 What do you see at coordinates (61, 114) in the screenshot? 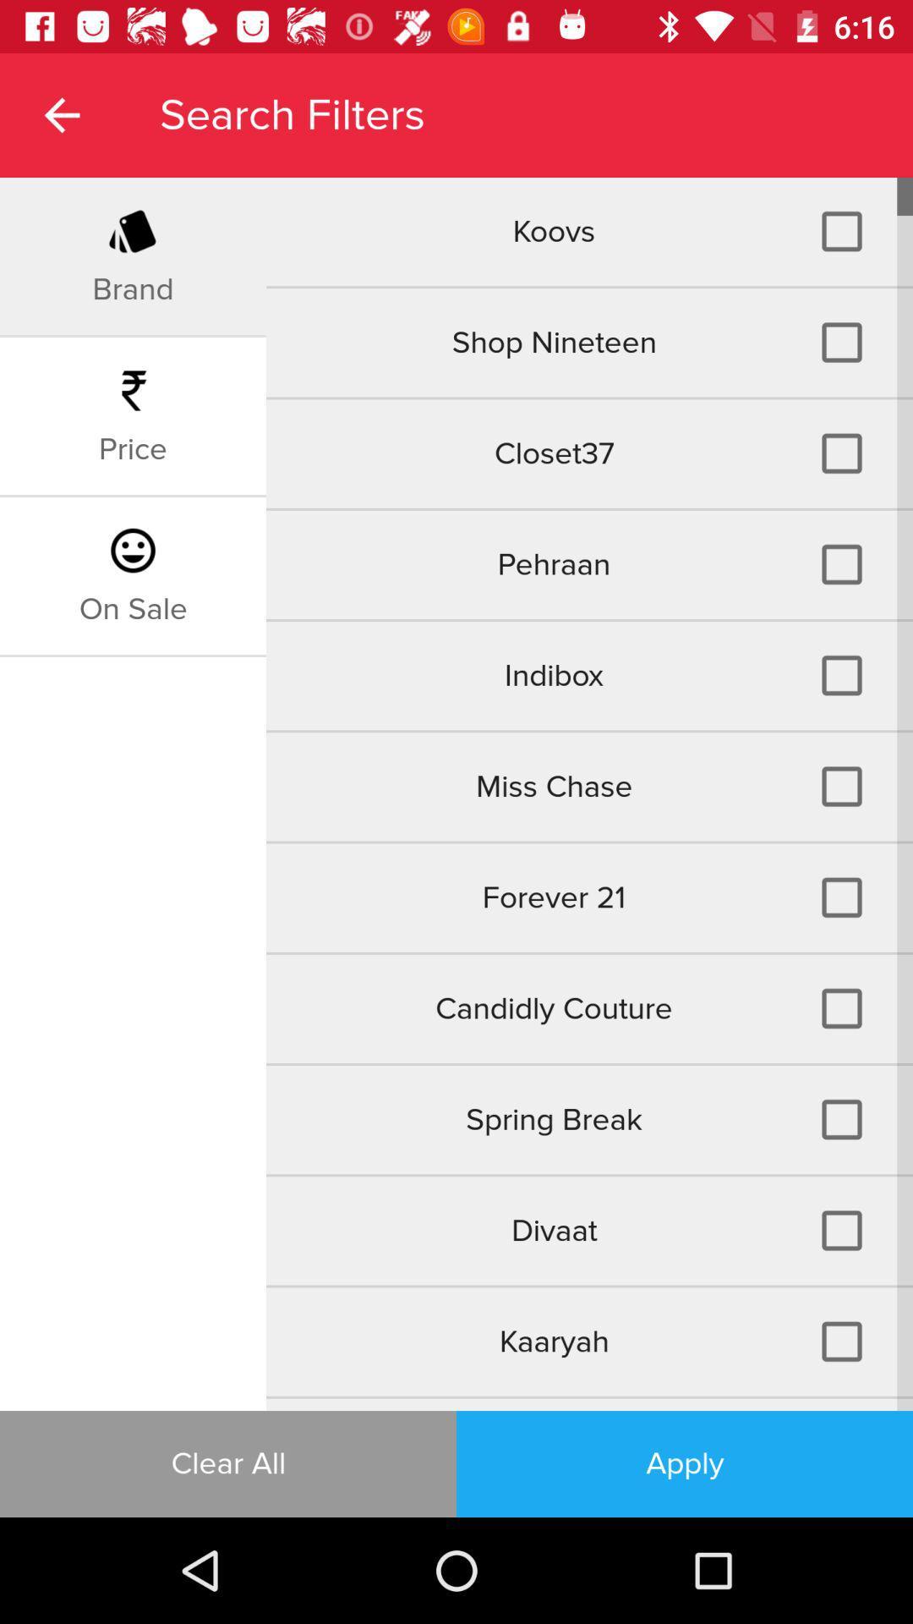
I see `item next to search filters` at bounding box center [61, 114].